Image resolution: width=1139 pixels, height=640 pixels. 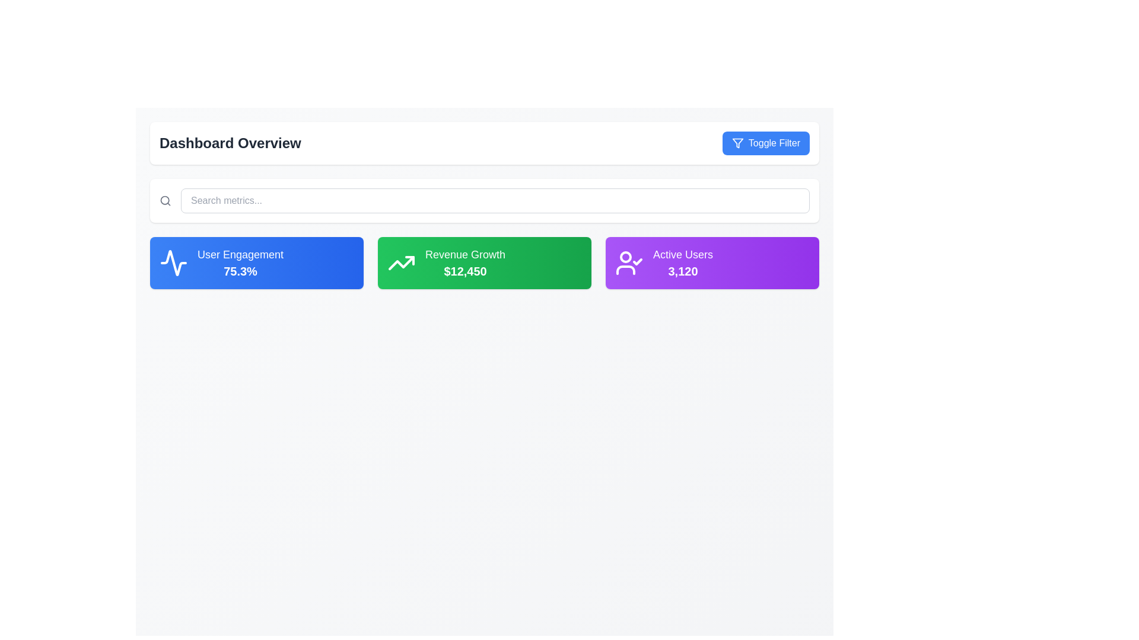 I want to click on displayed statistics from the Information card, which is the rightmost card in a row of three cards on the dashboard, so click(x=712, y=262).